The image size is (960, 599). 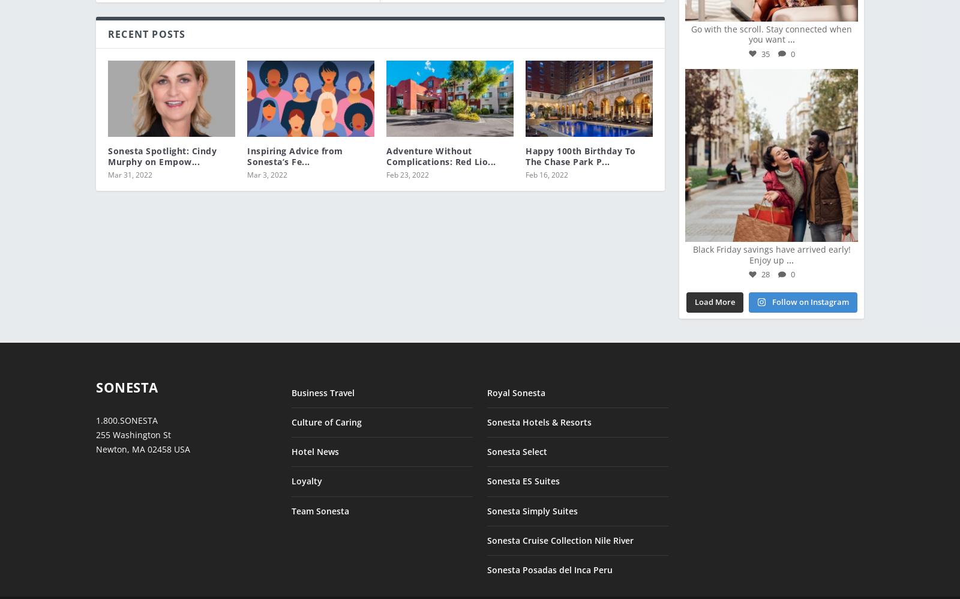 What do you see at coordinates (127, 378) in the screenshot?
I see `'Sonesta'` at bounding box center [127, 378].